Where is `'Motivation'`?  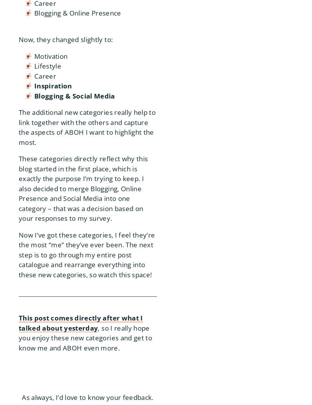
'Motivation' is located at coordinates (50, 56).